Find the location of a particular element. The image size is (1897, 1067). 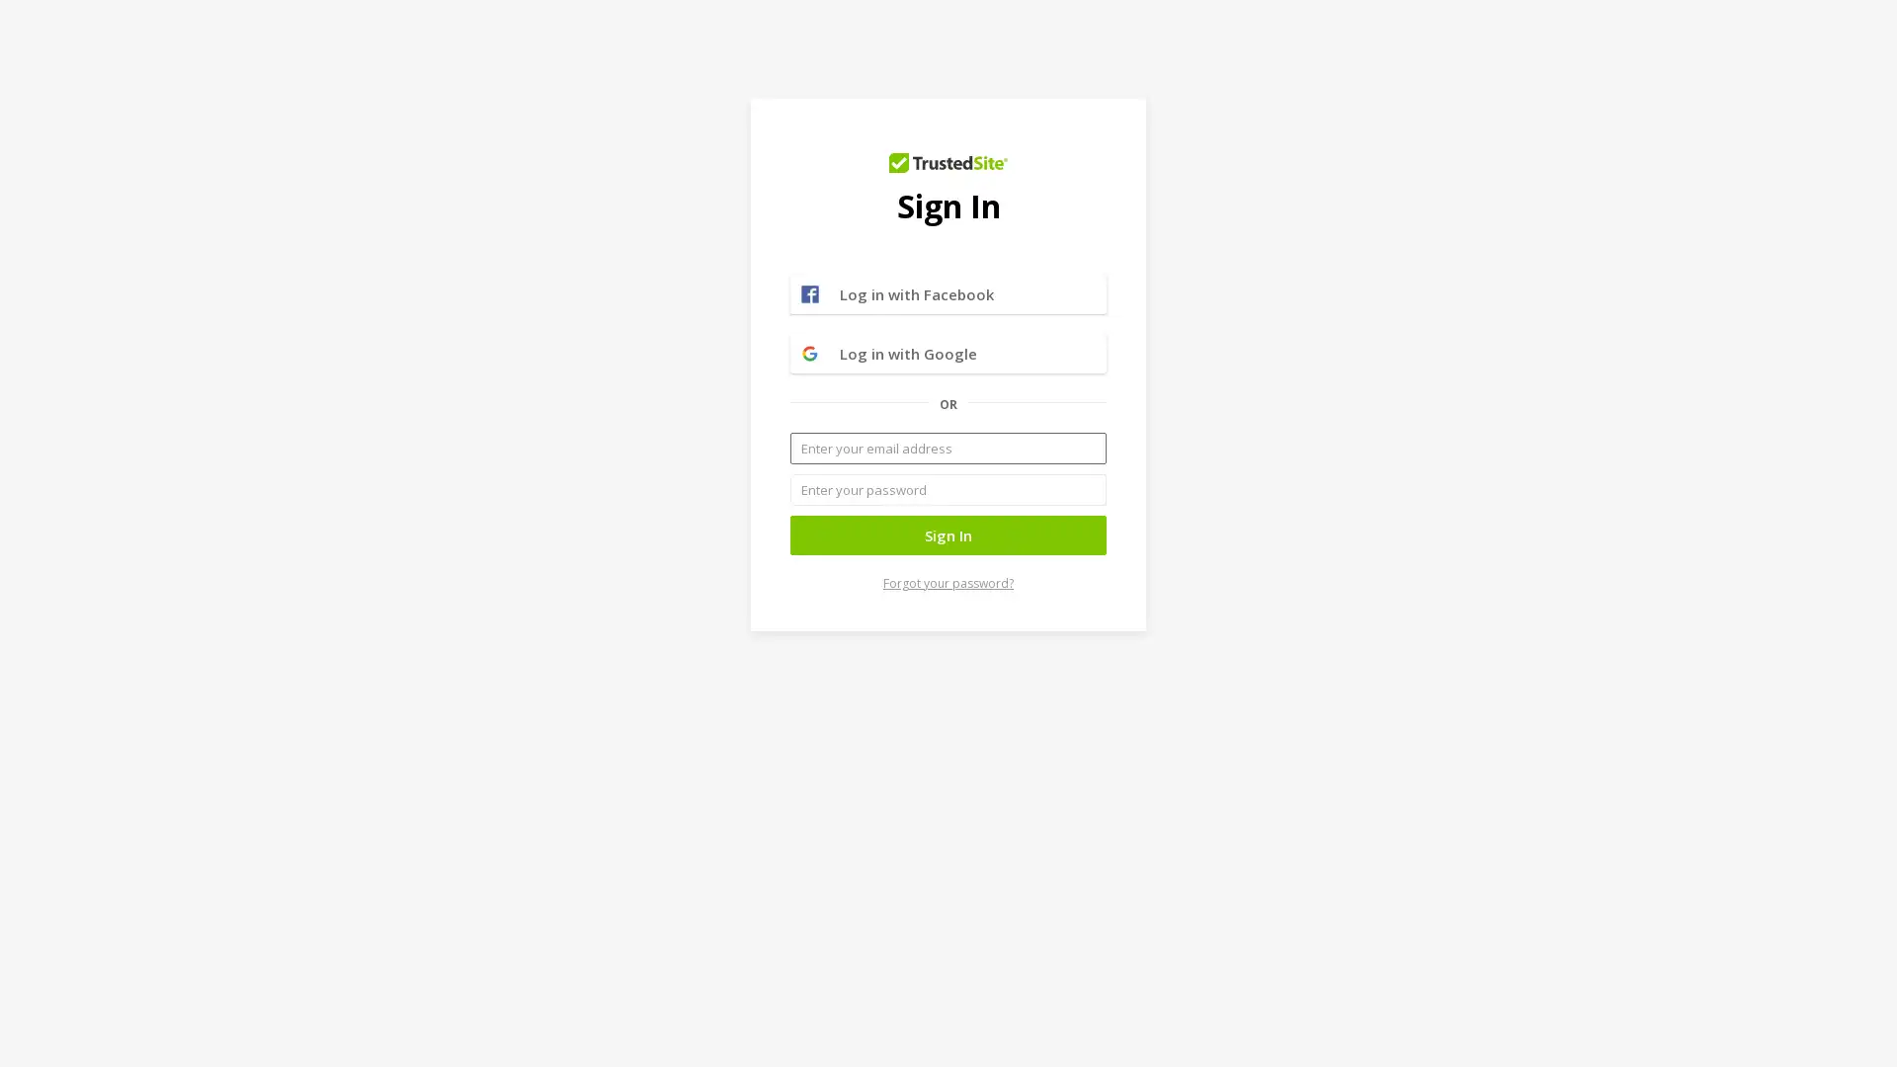

Log in with Google is located at coordinates (948, 353).